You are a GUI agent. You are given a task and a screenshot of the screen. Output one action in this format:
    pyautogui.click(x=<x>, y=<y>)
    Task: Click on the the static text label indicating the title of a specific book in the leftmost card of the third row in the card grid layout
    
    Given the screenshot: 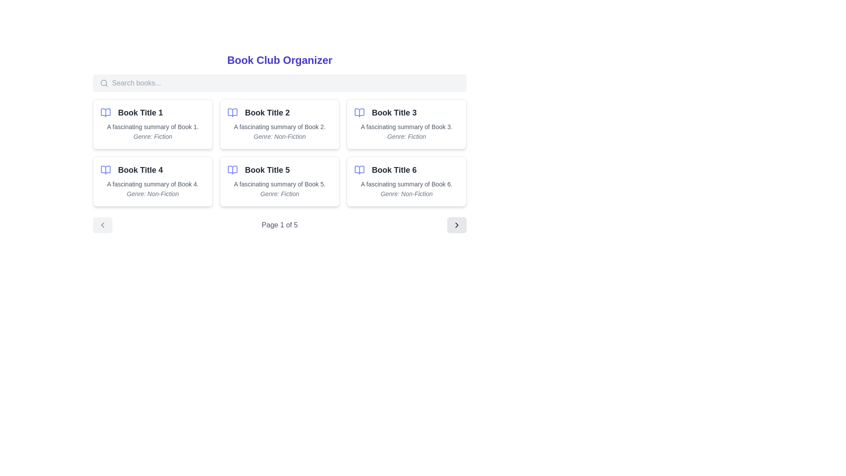 What is the action you would take?
    pyautogui.click(x=267, y=170)
    